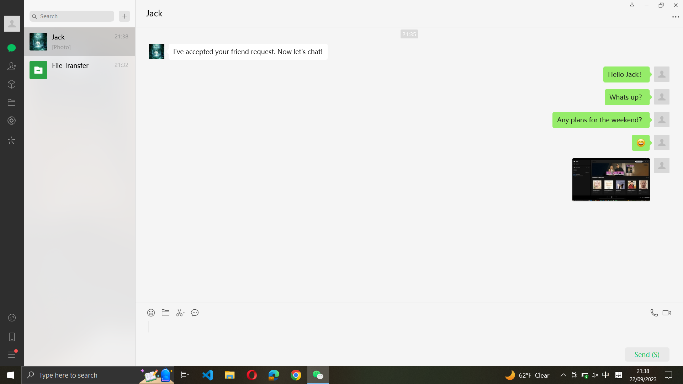  Describe the element at coordinates (668, 311) in the screenshot. I see `a video conference with Jack` at that location.